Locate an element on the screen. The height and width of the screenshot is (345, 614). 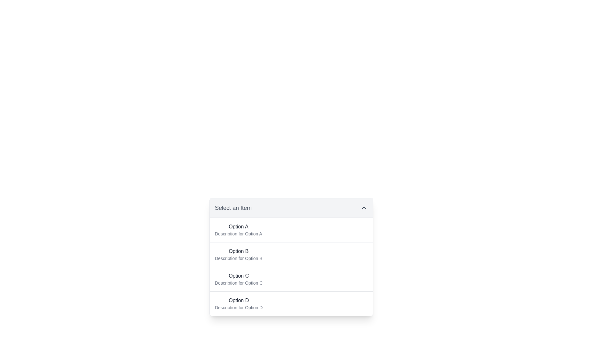
the list item that contains the bold text 'Option C' and the descriptive text 'Description for Option C', positioned centrally in the vertical list under 'Select an Item' is located at coordinates (238, 279).